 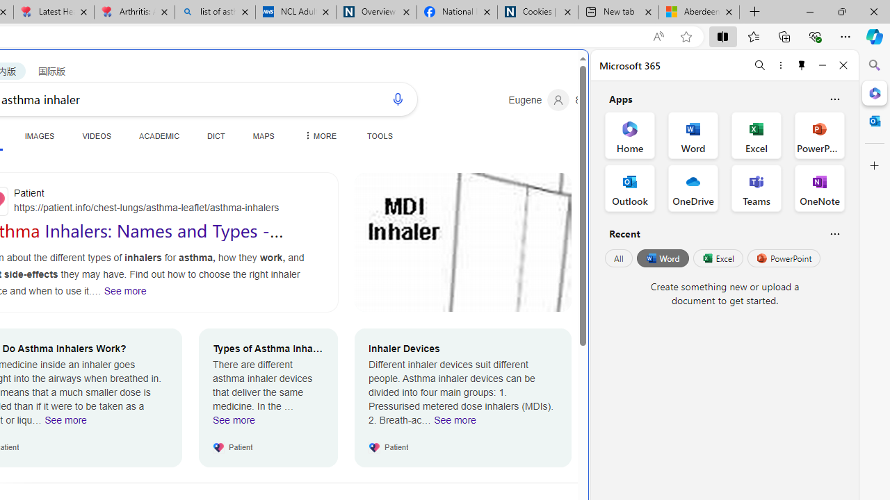 What do you see at coordinates (318, 135) in the screenshot?
I see `'Dropdown Menu'` at bounding box center [318, 135].